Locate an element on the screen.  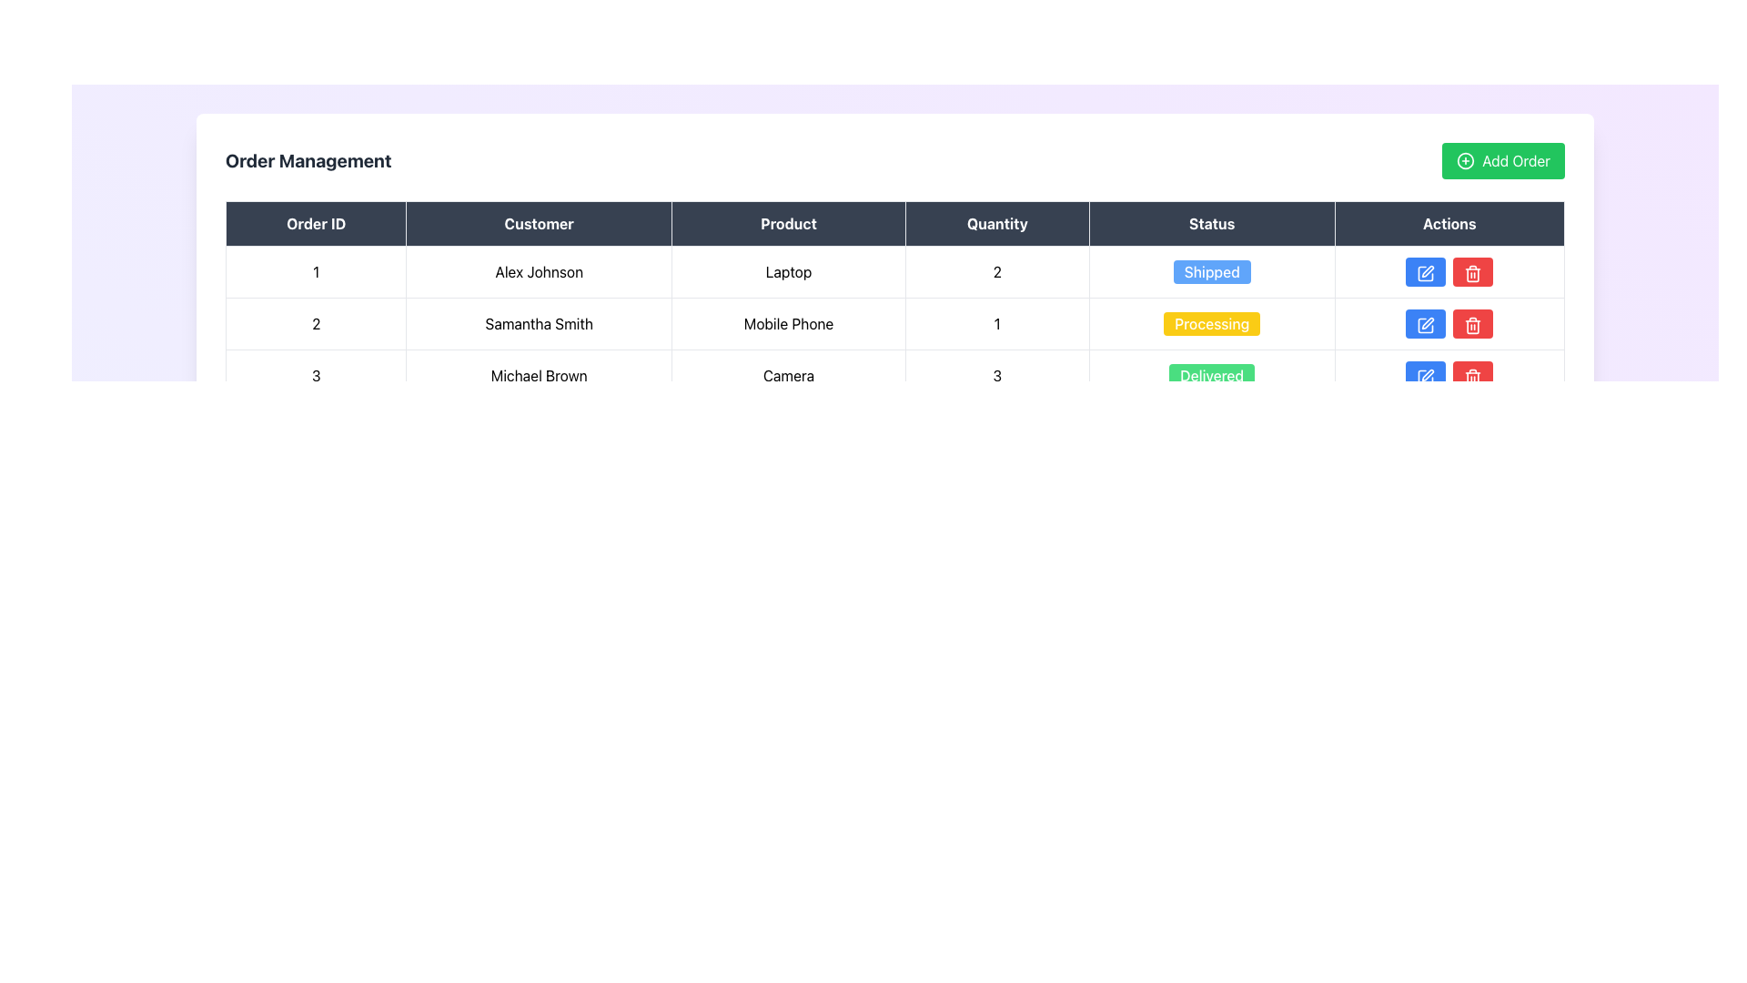
the trash/delete icon in the 'Actions' column of the data table for Order ID 3 to initiate the delete action is located at coordinates (1473, 275).